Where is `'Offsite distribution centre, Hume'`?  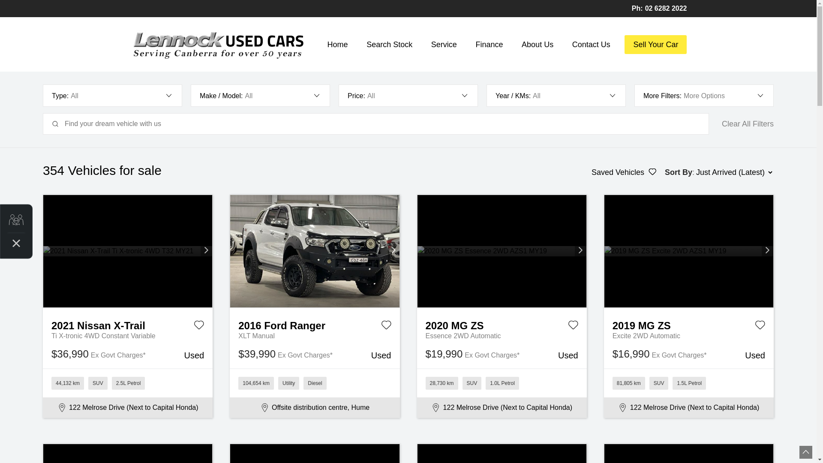
'Offsite distribution centre, Hume' is located at coordinates (314, 407).